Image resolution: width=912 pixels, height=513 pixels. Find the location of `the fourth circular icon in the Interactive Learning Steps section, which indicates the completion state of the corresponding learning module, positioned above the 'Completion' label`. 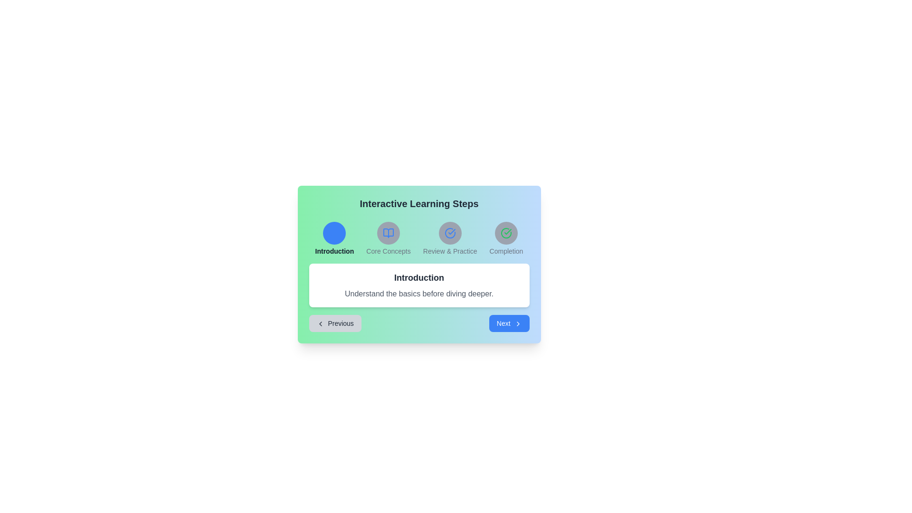

the fourth circular icon in the Interactive Learning Steps section, which indicates the completion state of the corresponding learning module, positioned above the 'Completion' label is located at coordinates (505, 233).